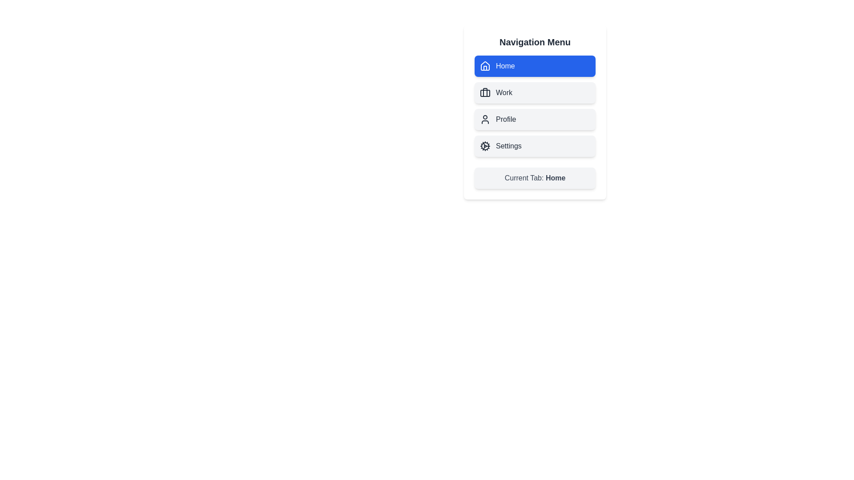  What do you see at coordinates (535, 92) in the screenshot?
I see `the Work tab to activate it` at bounding box center [535, 92].